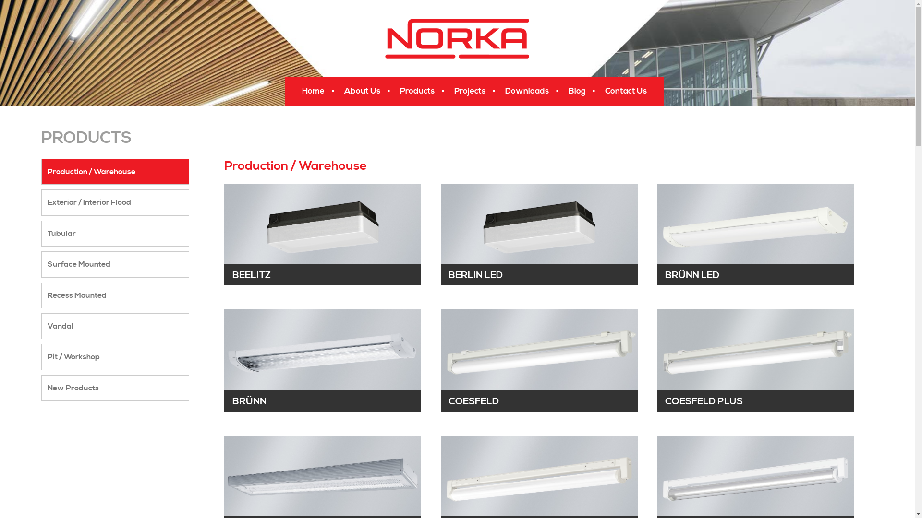 The image size is (922, 518). What do you see at coordinates (115, 295) in the screenshot?
I see `'Recess Mounted'` at bounding box center [115, 295].